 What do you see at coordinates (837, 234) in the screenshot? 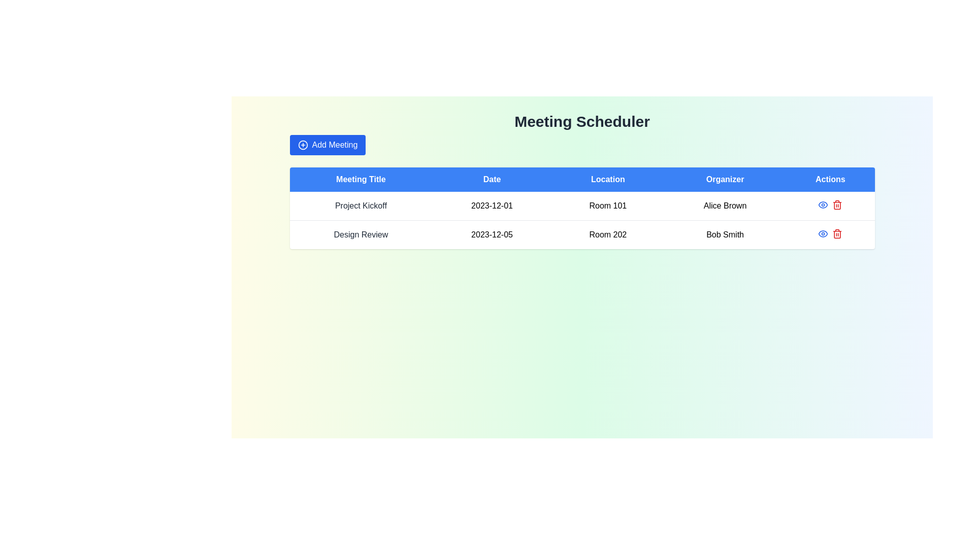
I see `the delete button (trash icon) located in the second row of the table under the 'Actions' column` at bounding box center [837, 234].